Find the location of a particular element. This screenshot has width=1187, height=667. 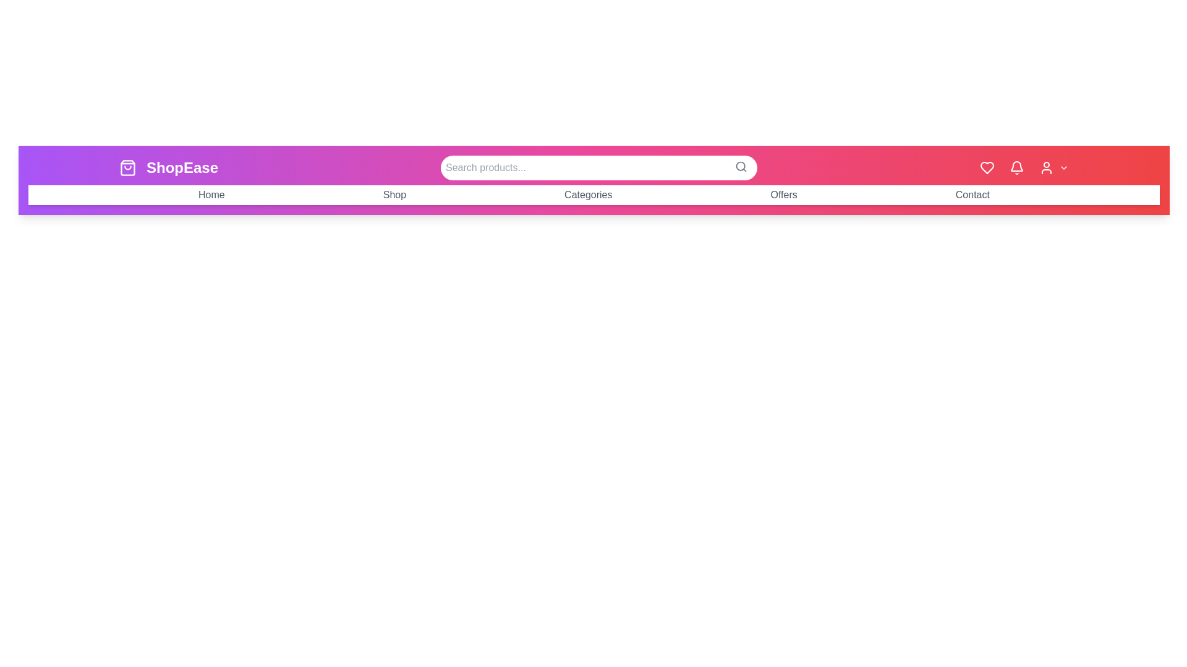

the navigation menu item Offers is located at coordinates (783, 195).